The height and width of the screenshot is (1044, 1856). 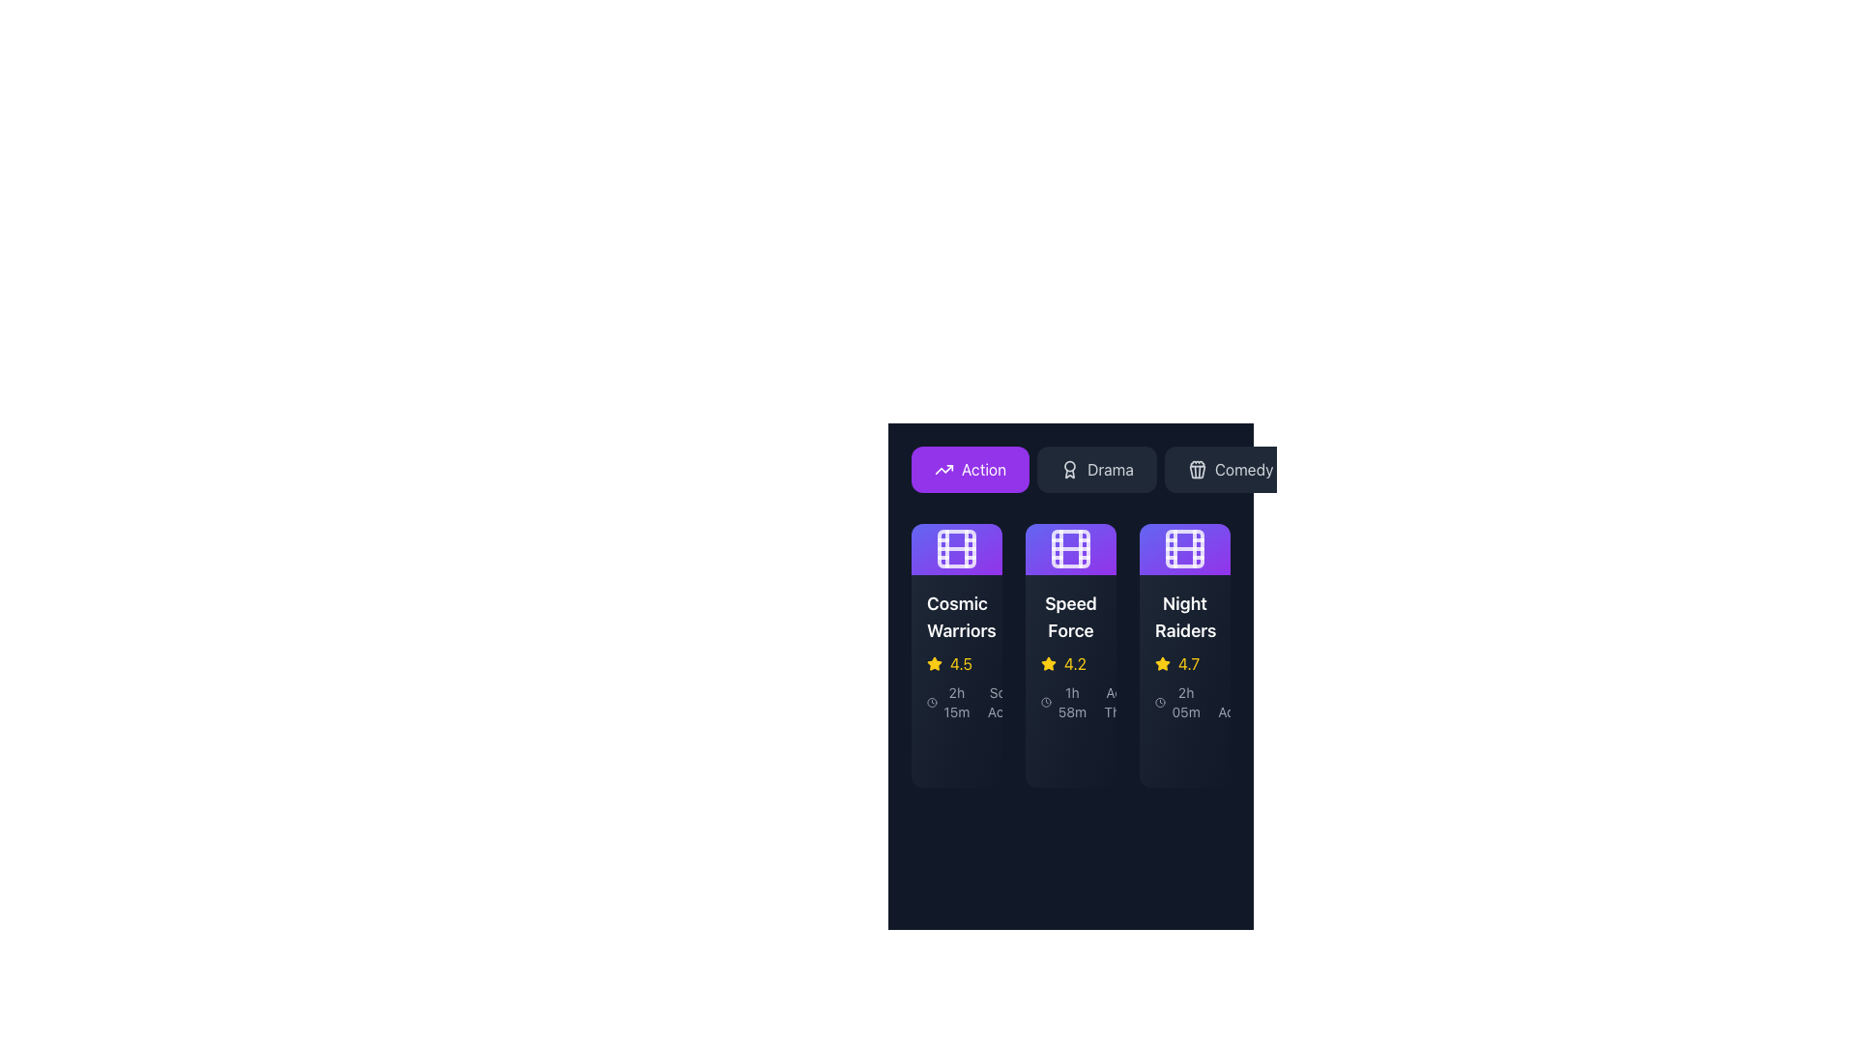 What do you see at coordinates (944, 470) in the screenshot?
I see `the trending arrow icon located on the leftmost part of the 'Action' button for information` at bounding box center [944, 470].